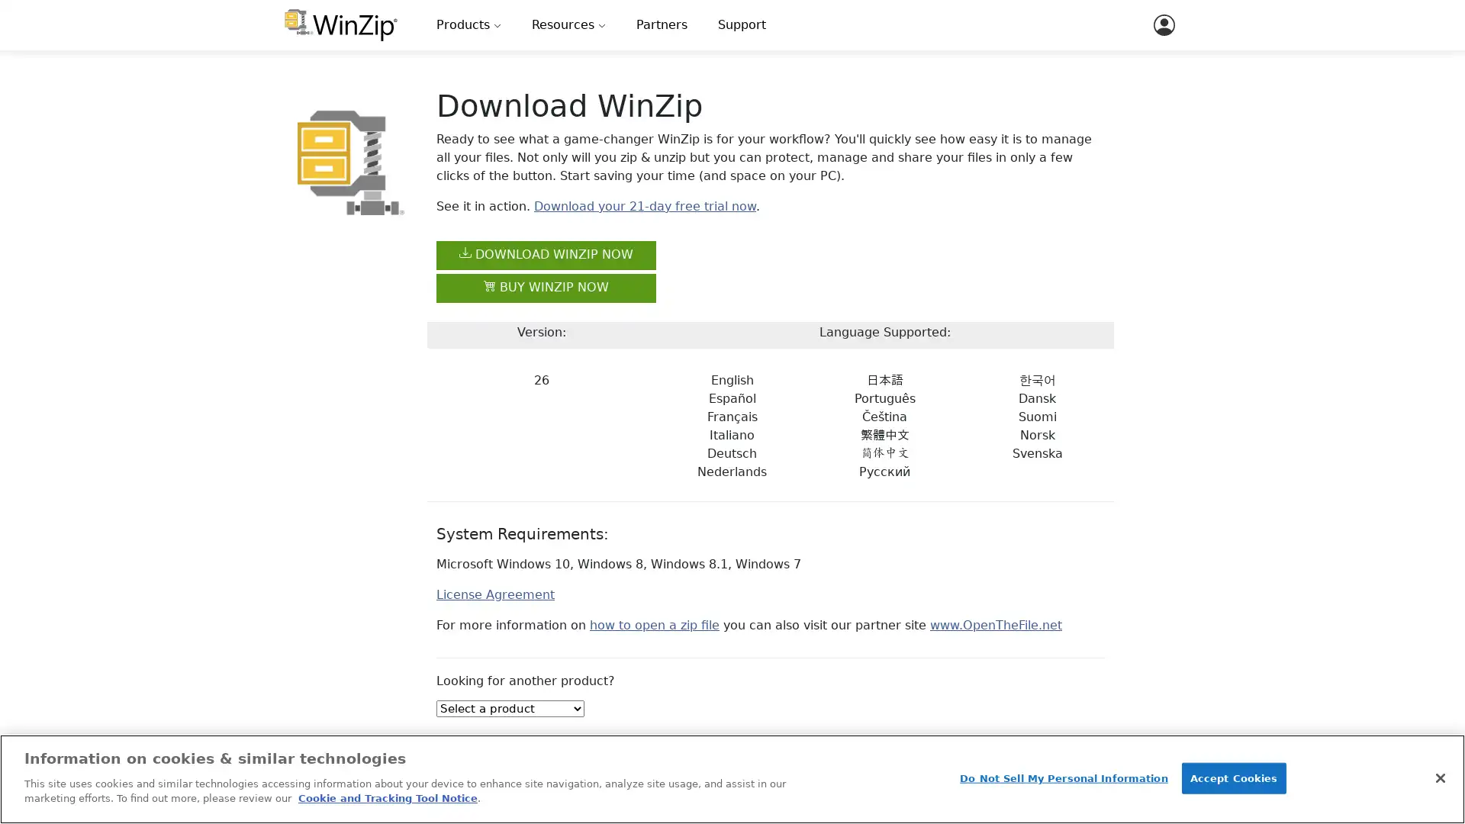 This screenshot has height=824, width=1465. What do you see at coordinates (1439, 777) in the screenshot?
I see `Close` at bounding box center [1439, 777].